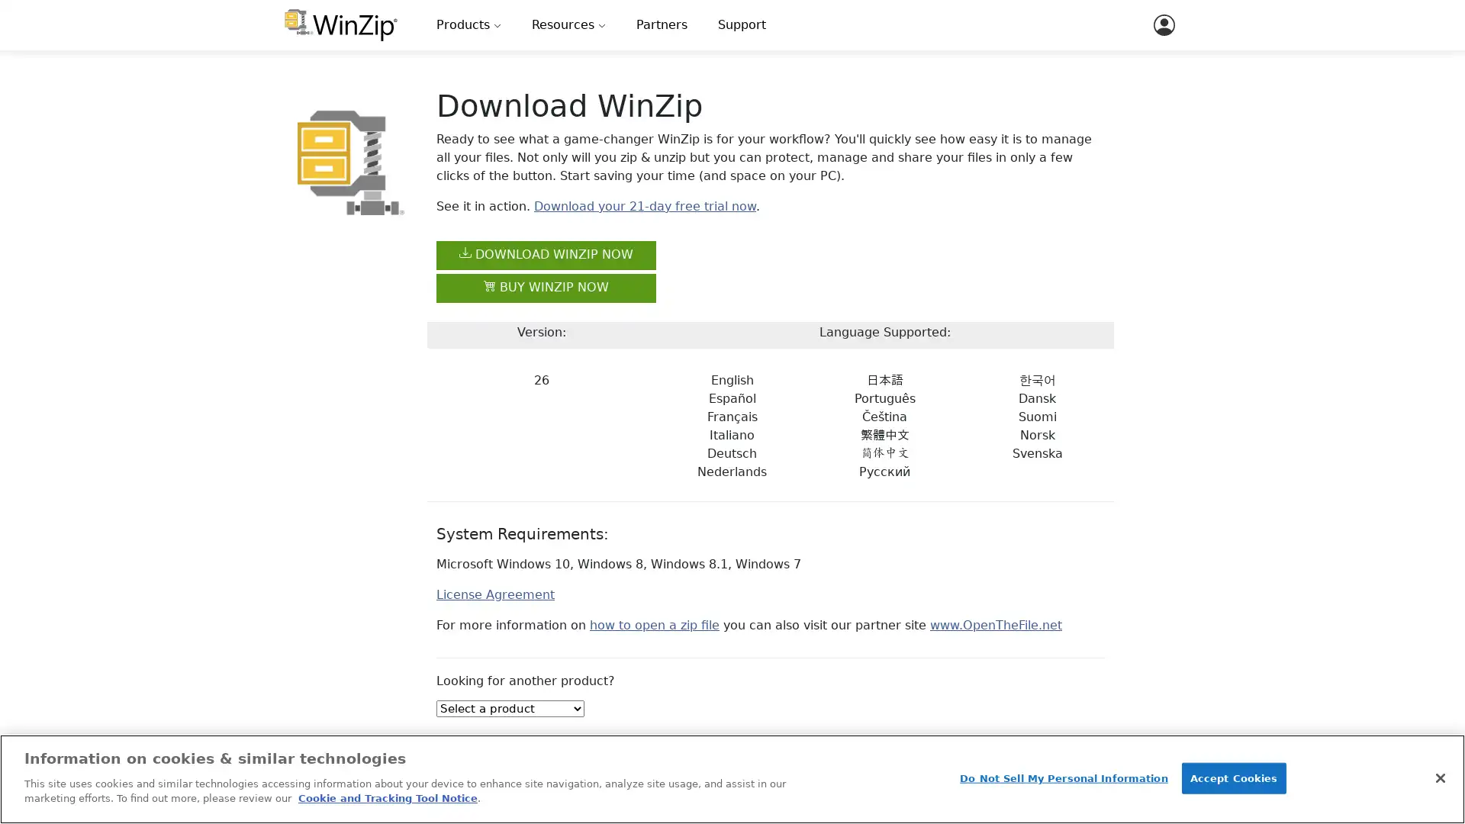 This screenshot has height=824, width=1465. What do you see at coordinates (1439, 777) in the screenshot?
I see `Close` at bounding box center [1439, 777].